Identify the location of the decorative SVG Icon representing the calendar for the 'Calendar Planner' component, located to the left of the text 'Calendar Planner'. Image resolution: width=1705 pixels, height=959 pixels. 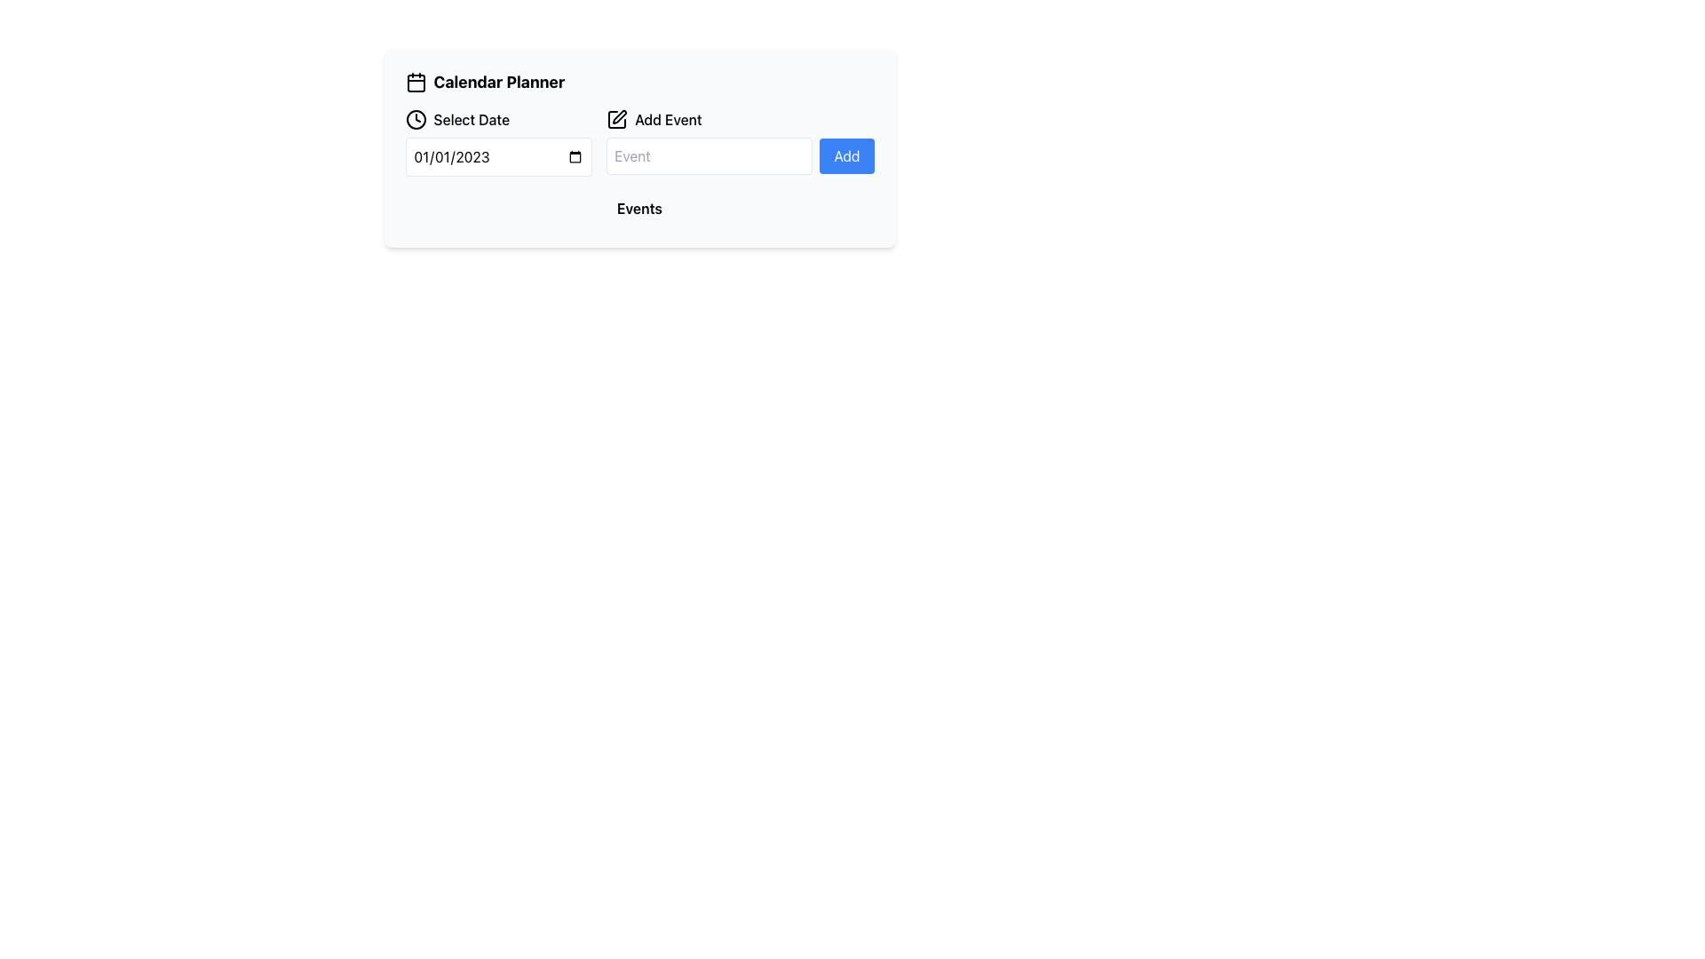
(415, 82).